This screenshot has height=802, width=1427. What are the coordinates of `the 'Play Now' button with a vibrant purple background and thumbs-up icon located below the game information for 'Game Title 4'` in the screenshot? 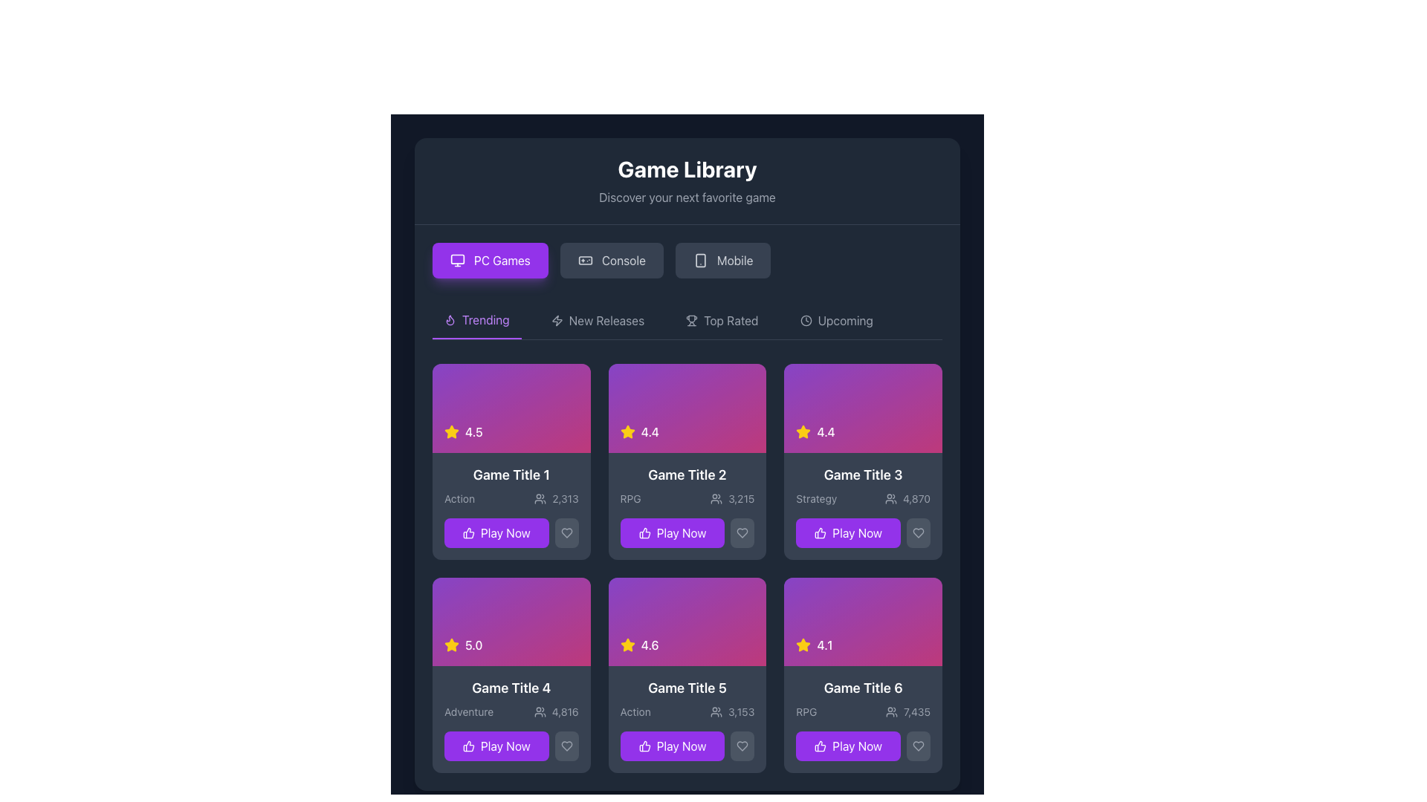 It's located at (511, 746).